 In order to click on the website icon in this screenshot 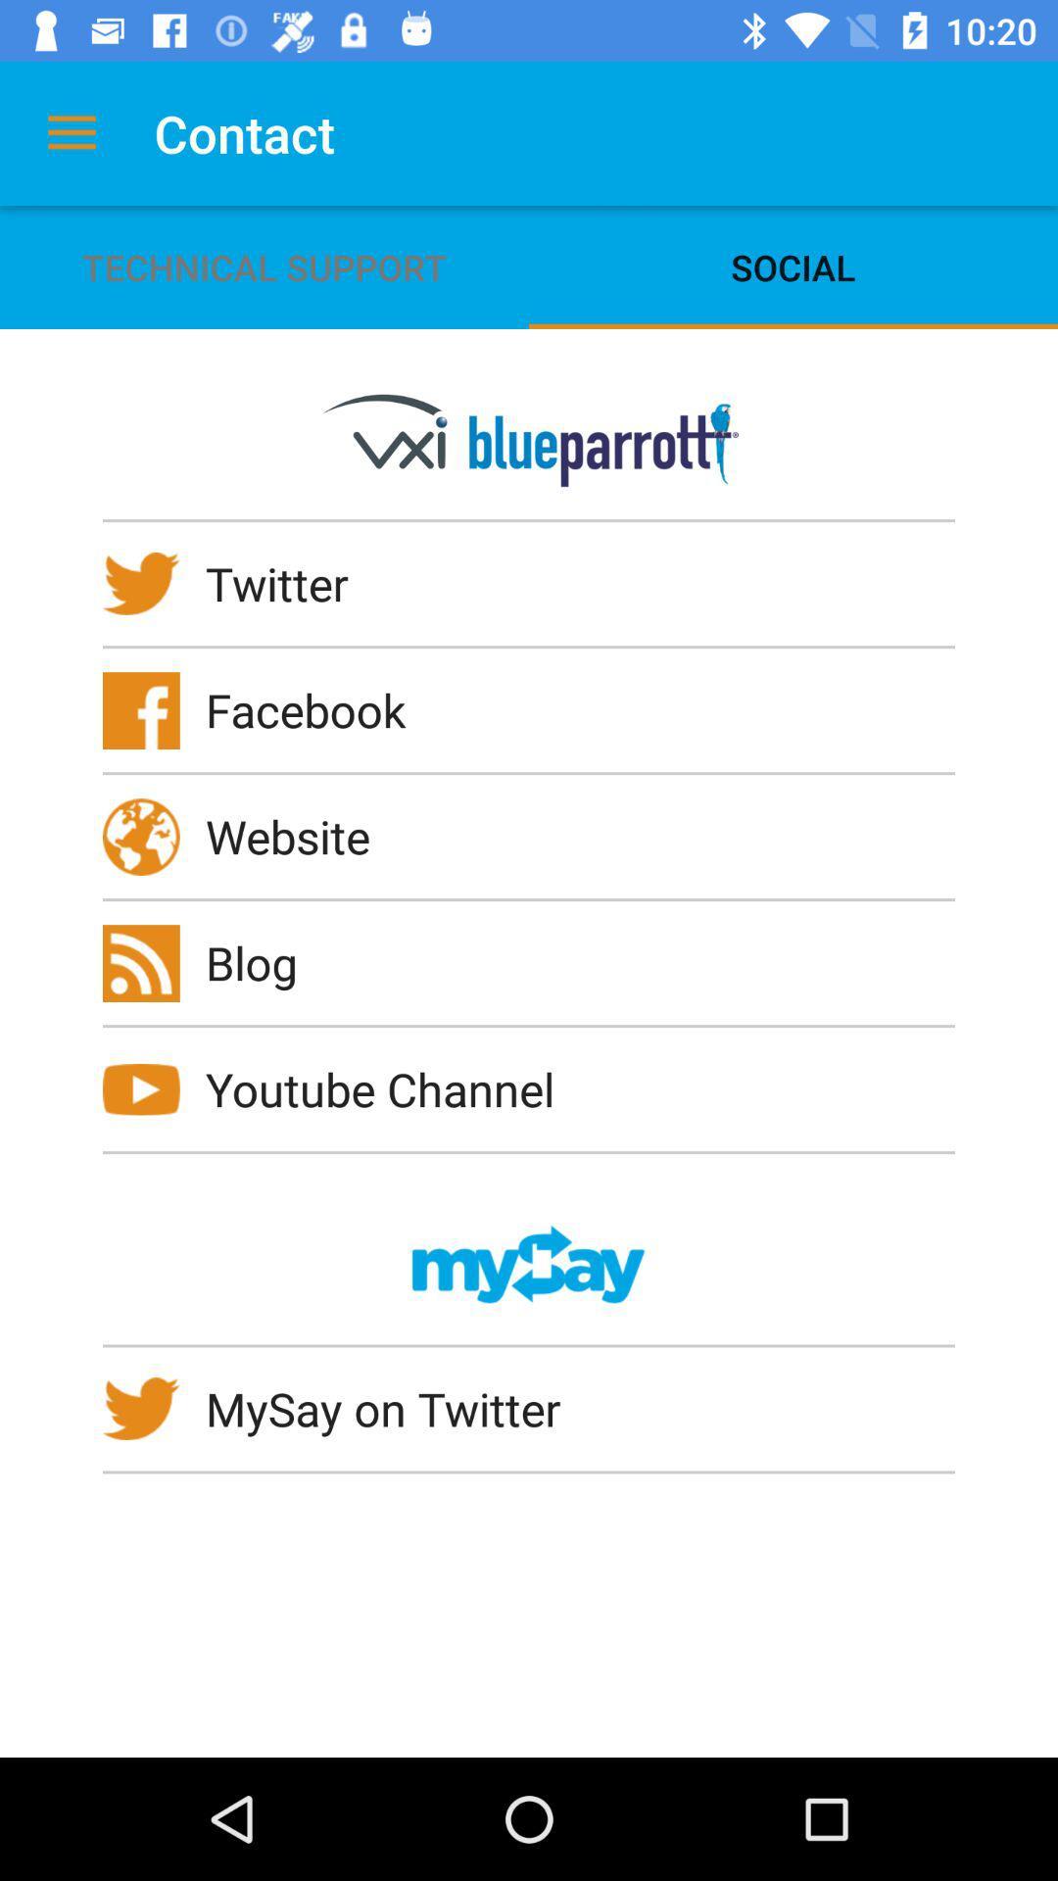, I will do `click(301, 836)`.